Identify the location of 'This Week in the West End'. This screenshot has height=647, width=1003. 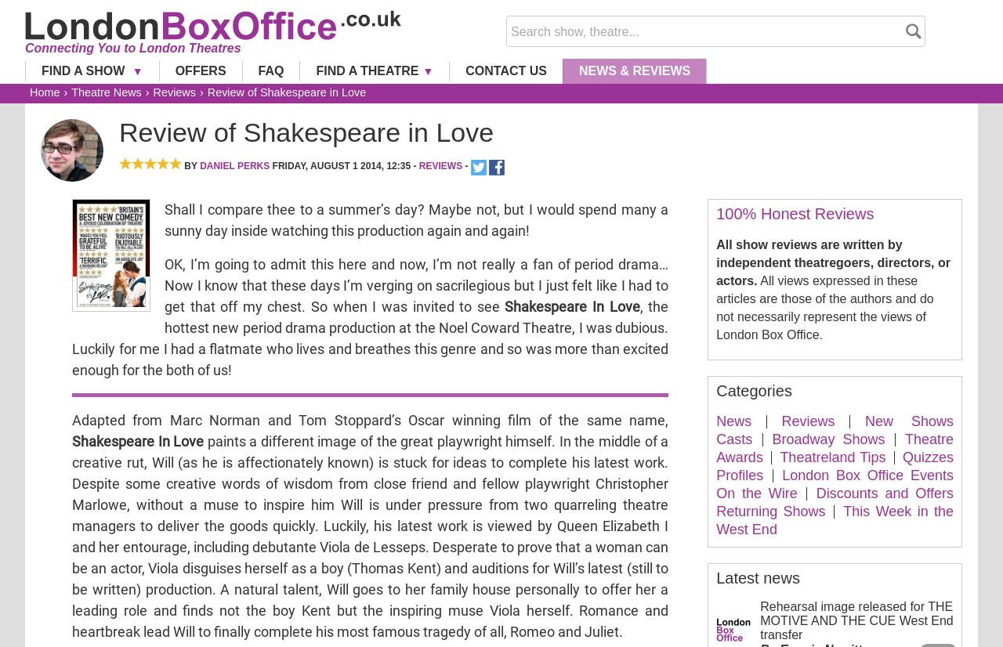
(715, 519).